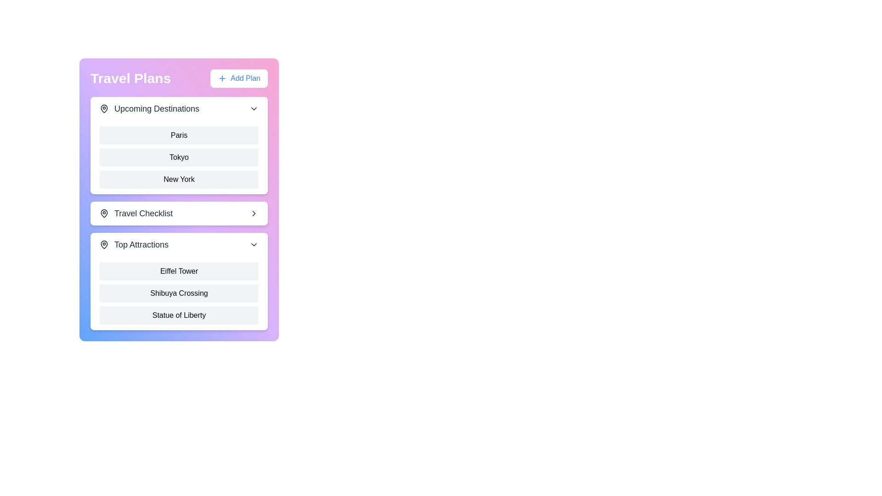  What do you see at coordinates (179, 293) in the screenshot?
I see `the list item Shibuya Crossing in the section Top Attractions` at bounding box center [179, 293].